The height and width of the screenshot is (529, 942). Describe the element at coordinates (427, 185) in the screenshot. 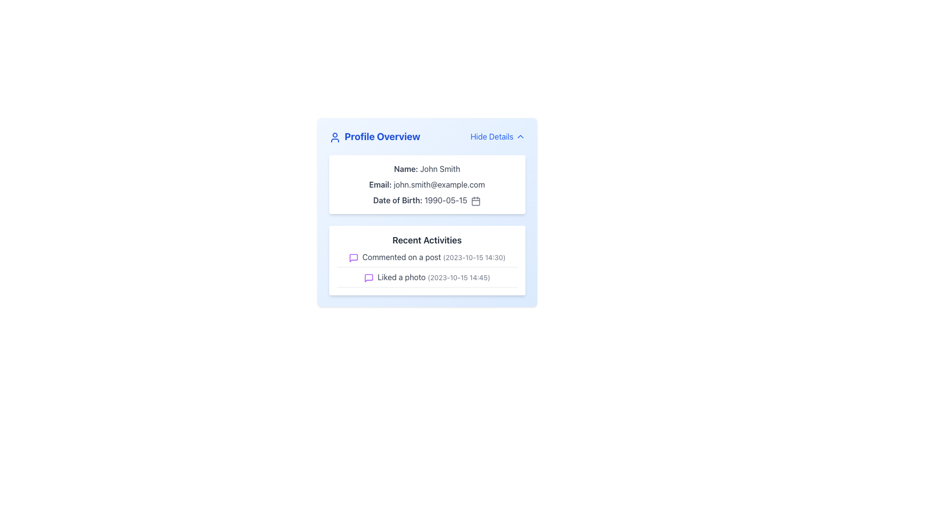

I see `the Text Display element in the user profile card that shows 'Email: john.smith@example.com'` at that location.